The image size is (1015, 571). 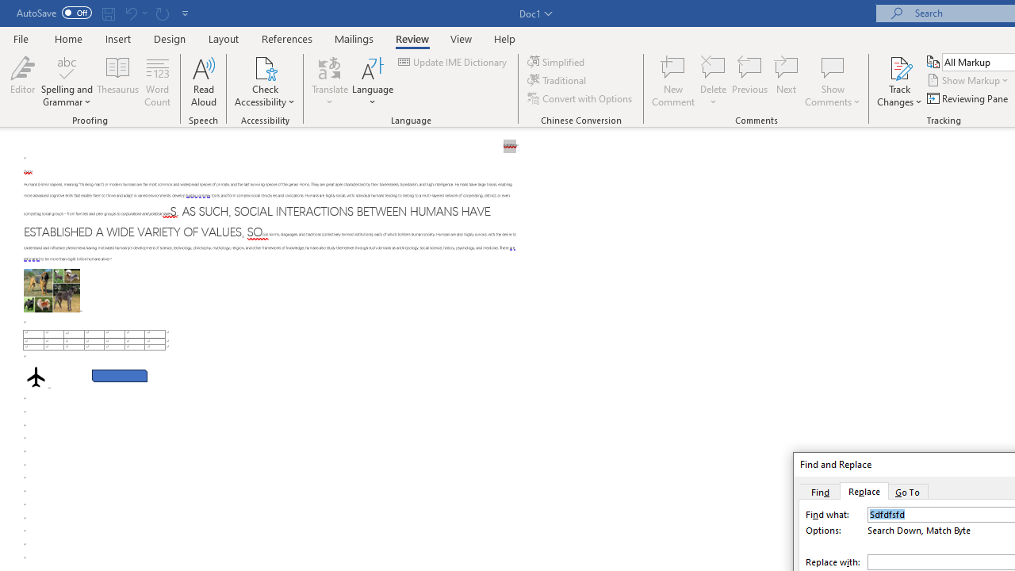 What do you see at coordinates (135, 13) in the screenshot?
I see `'Undo Paragraph Alignment'` at bounding box center [135, 13].